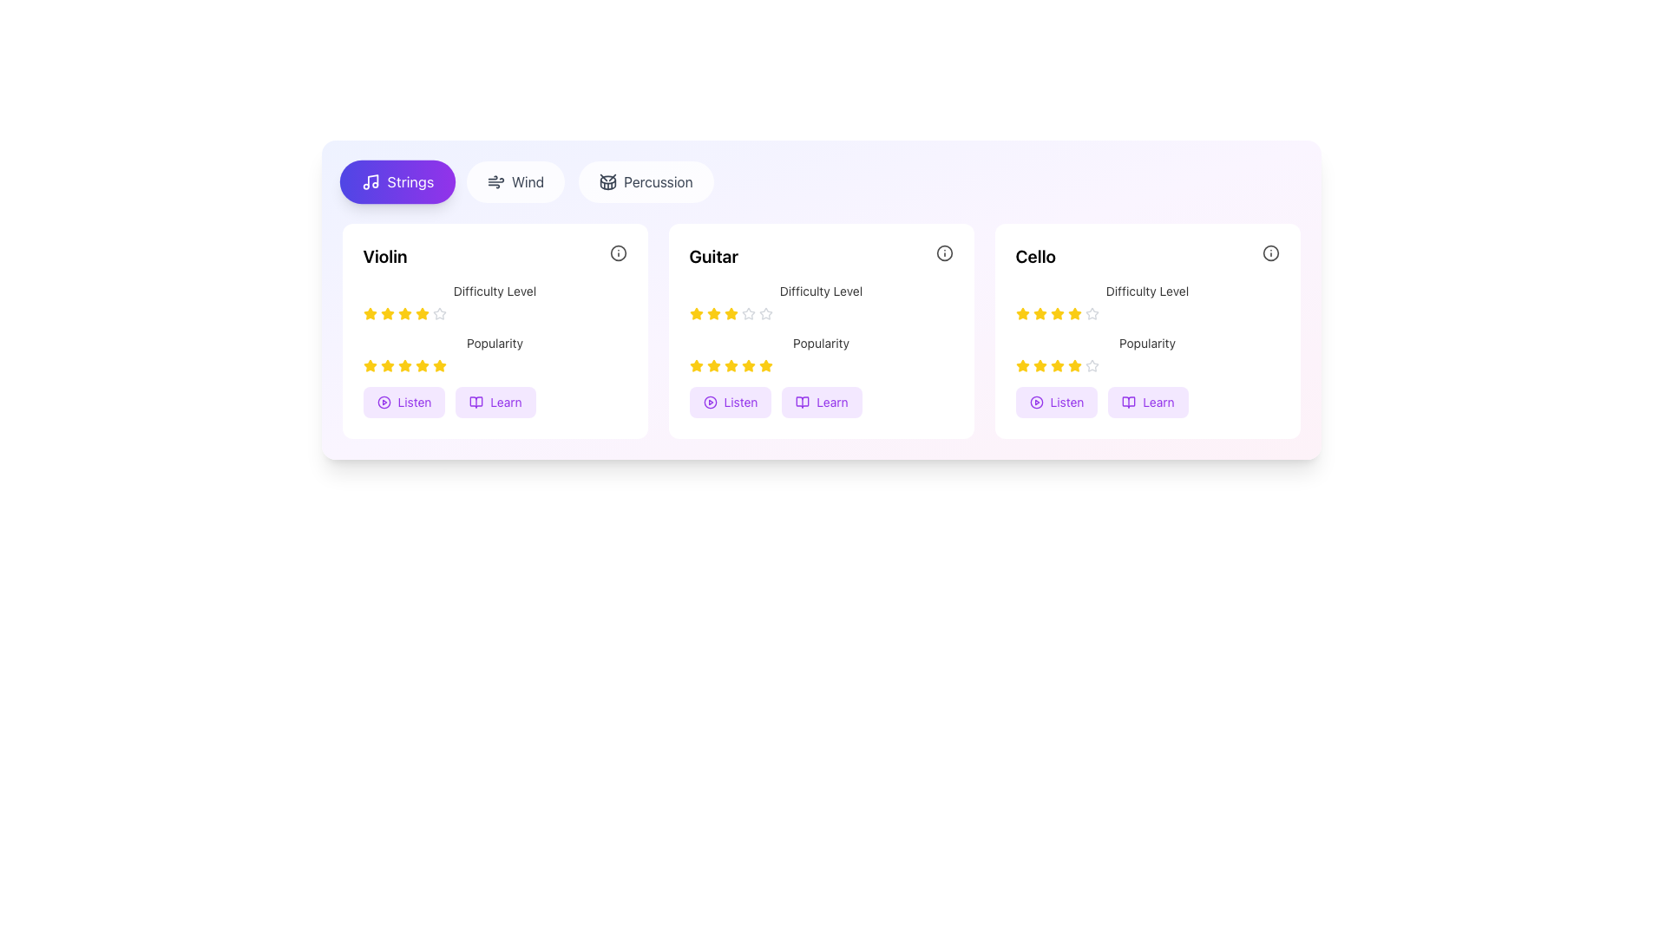  What do you see at coordinates (1158, 402) in the screenshot?
I see `the button labeled 'Cello' by clicking on its text label located at the center-right of the button` at bounding box center [1158, 402].